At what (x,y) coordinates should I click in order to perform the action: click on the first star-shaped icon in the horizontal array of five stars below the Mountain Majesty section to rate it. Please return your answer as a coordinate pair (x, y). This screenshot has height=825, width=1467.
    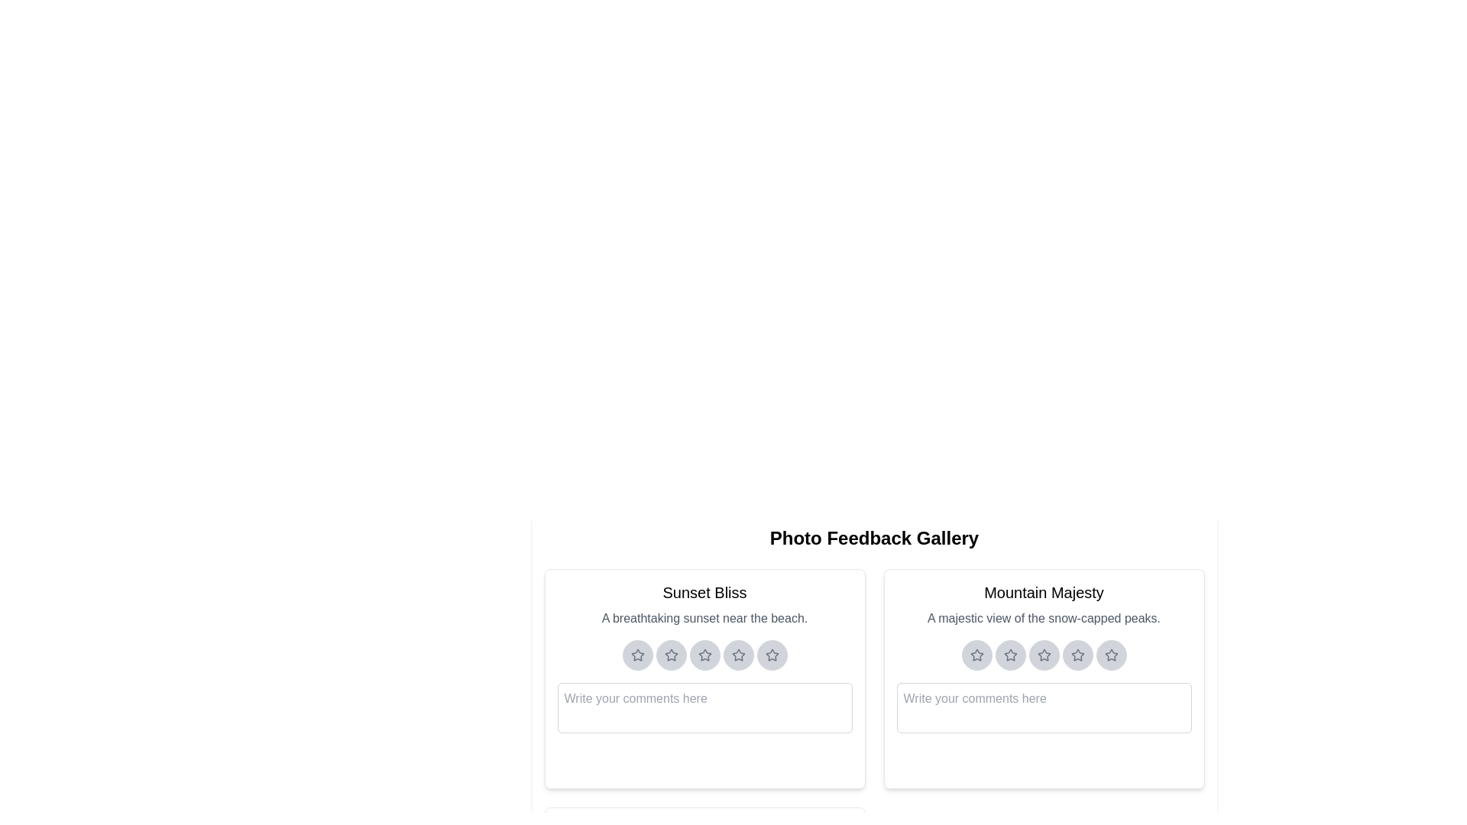
    Looking at the image, I should click on (975, 653).